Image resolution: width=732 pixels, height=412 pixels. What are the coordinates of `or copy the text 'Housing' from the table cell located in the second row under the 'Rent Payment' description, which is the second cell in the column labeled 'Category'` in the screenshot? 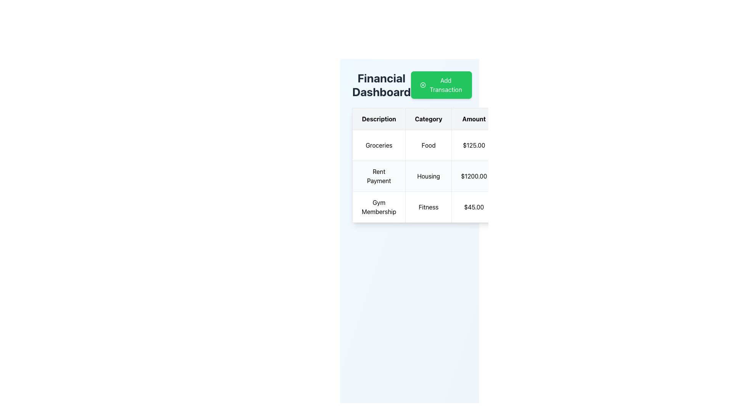 It's located at (429, 176).